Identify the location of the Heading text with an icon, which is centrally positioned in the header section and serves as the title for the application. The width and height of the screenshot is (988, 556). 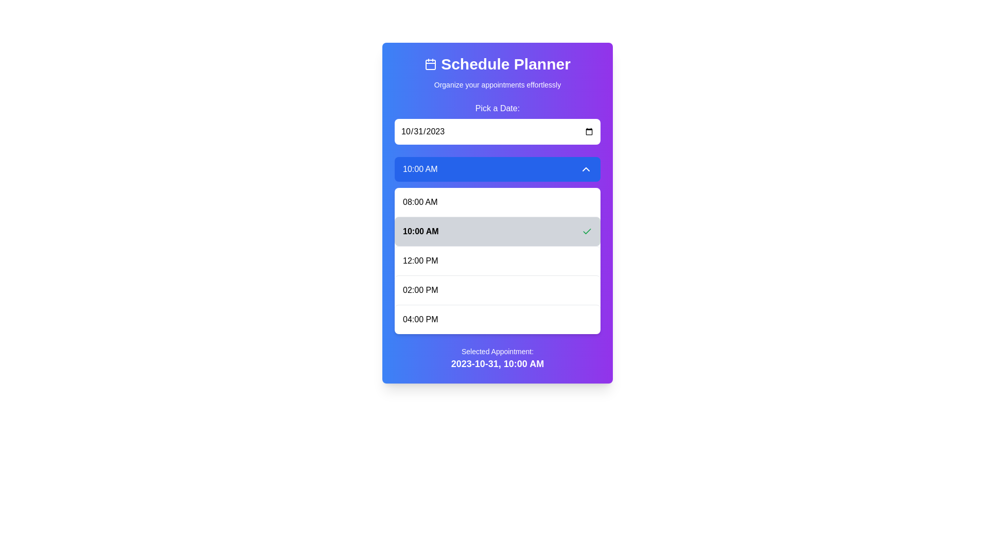
(497, 64).